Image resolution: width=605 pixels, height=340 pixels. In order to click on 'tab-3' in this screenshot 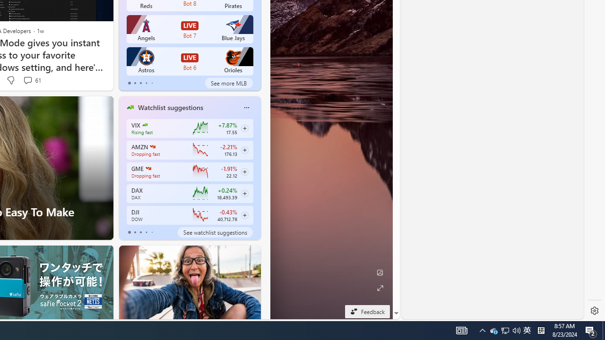, I will do `click(146, 232)`.